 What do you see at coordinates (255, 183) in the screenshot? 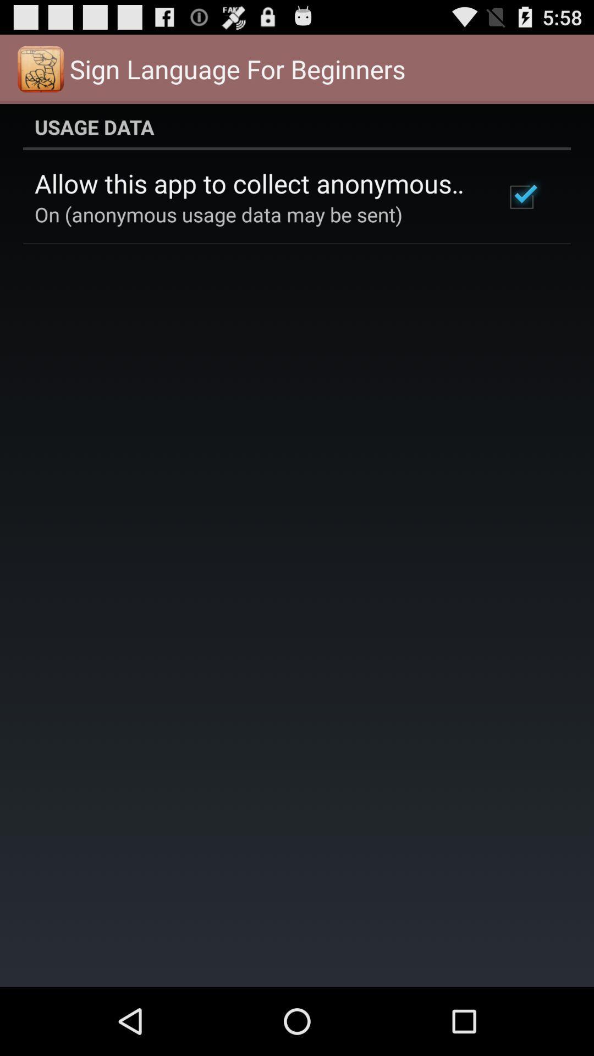
I see `the allow this app` at bounding box center [255, 183].